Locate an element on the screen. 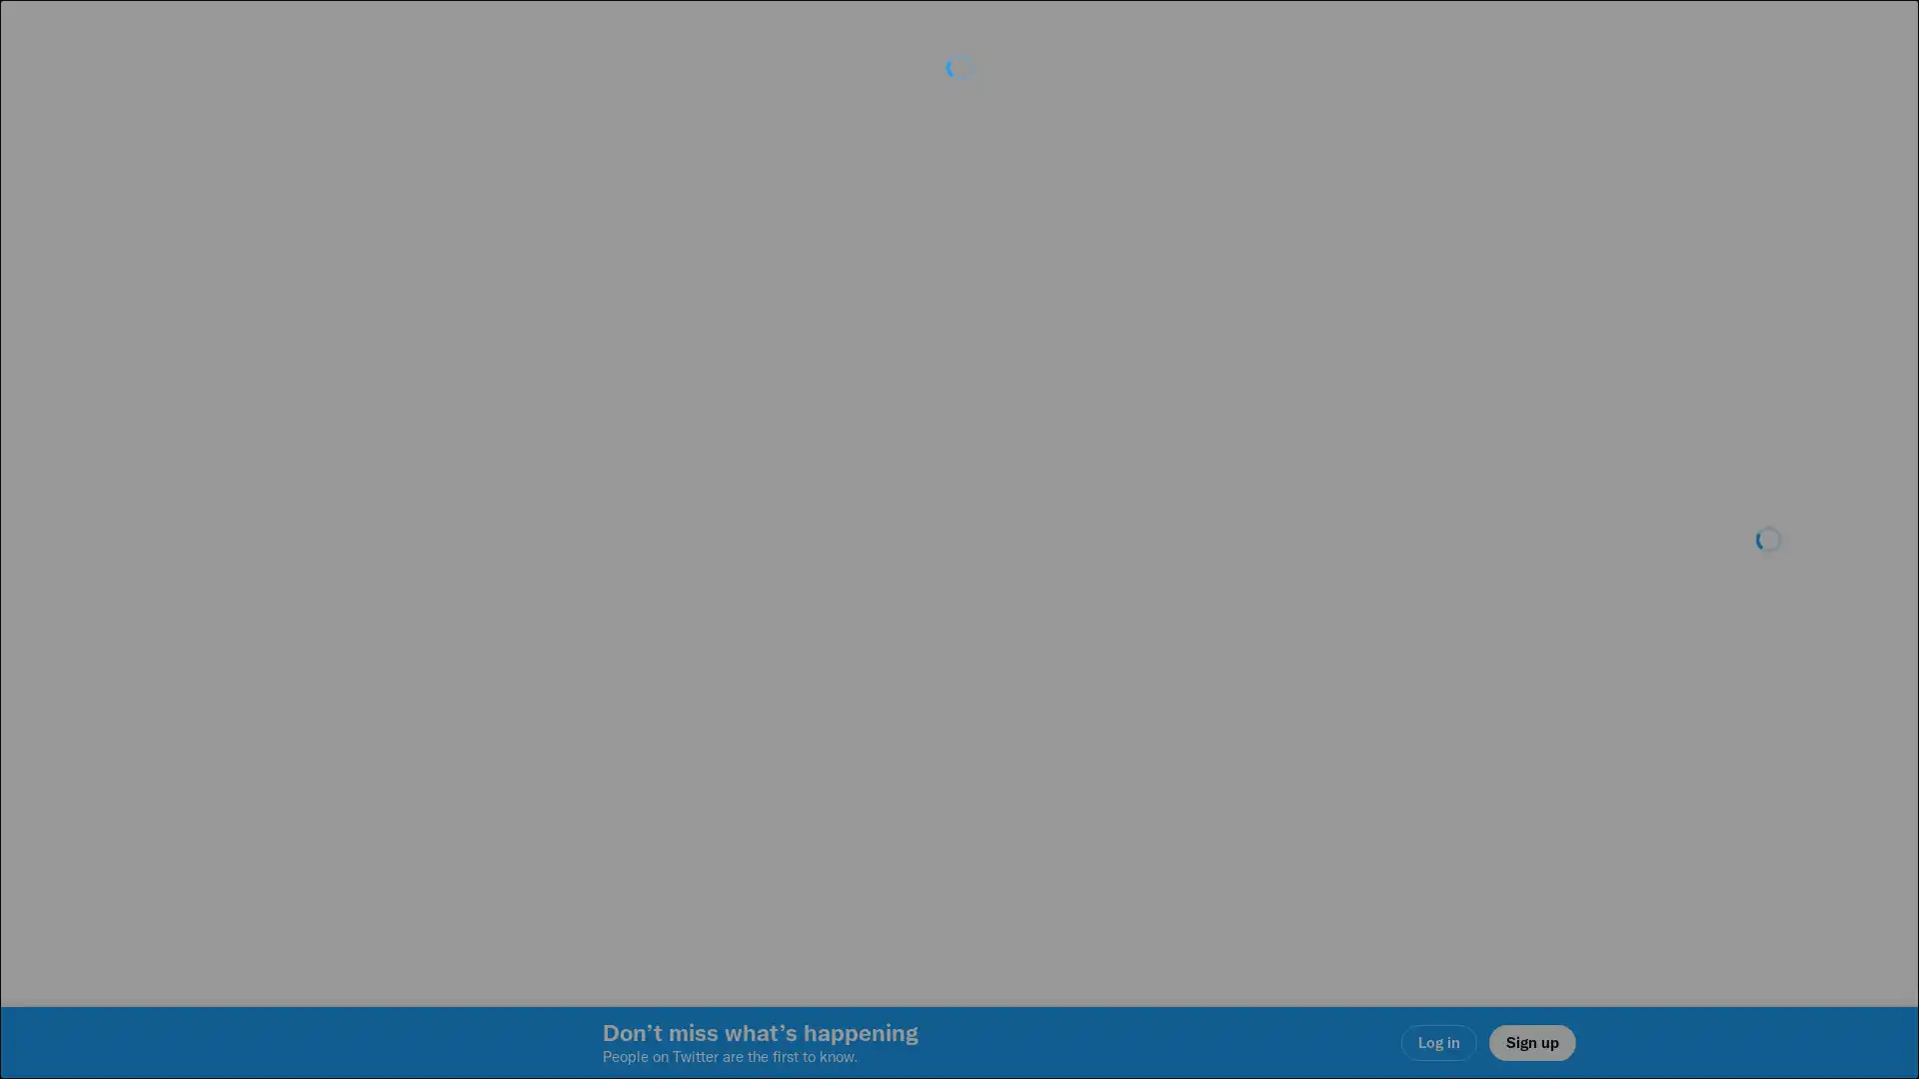 This screenshot has width=1919, height=1079. Sign up is located at coordinates (722, 680).